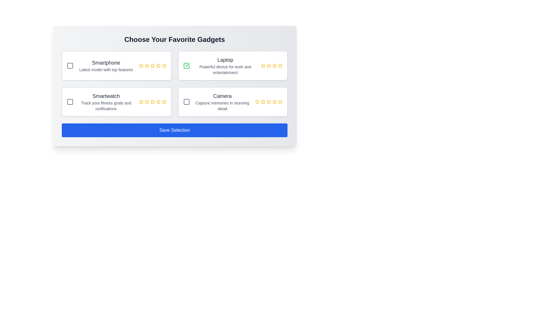 Image resolution: width=552 pixels, height=310 pixels. I want to click on the first yellow star icon in the rating selection option under the 'Smartwatch' label, so click(141, 101).